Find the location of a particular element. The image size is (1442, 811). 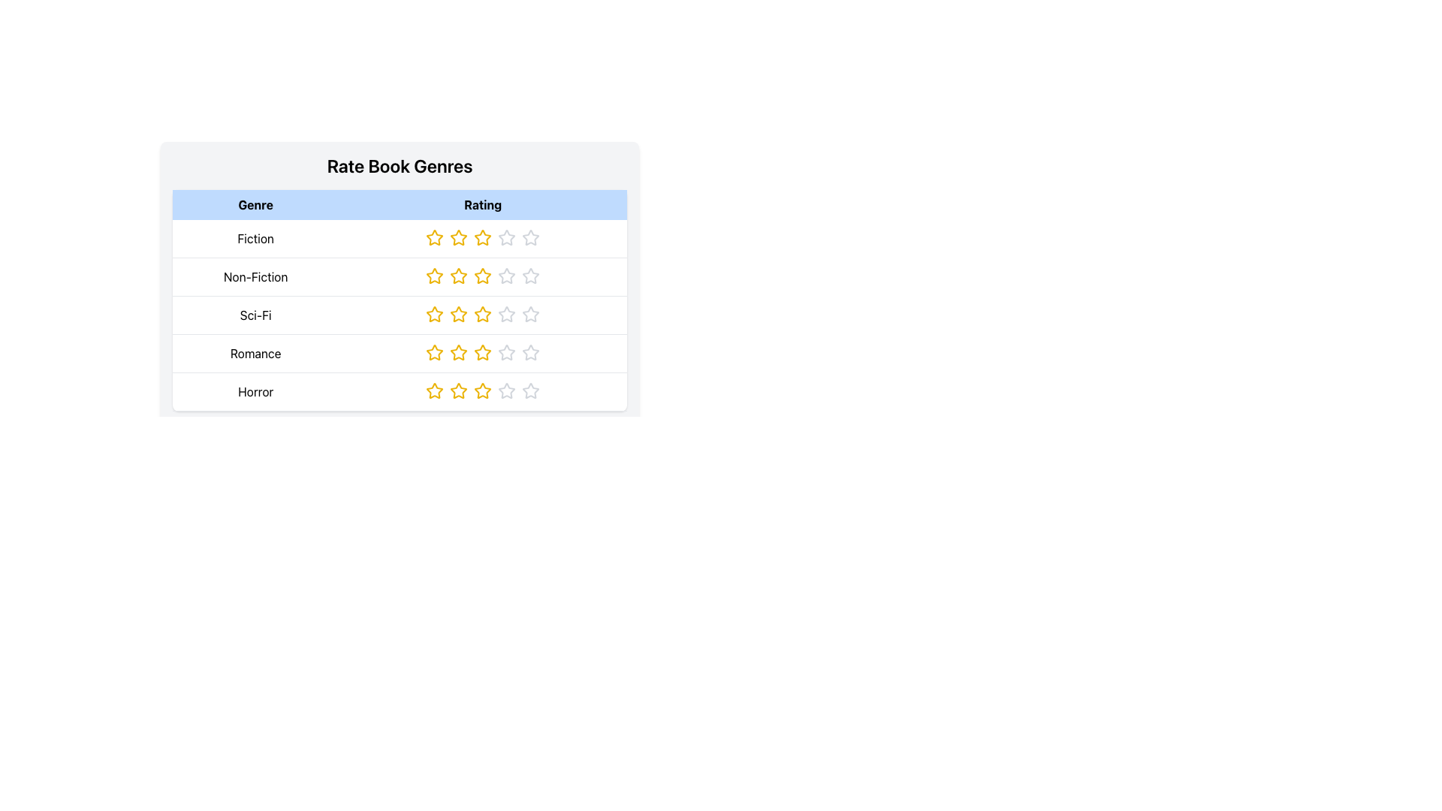

Table Header with a light blue background containing the titles 'Genre' and 'Rating' for its structure is located at coordinates (400, 269).